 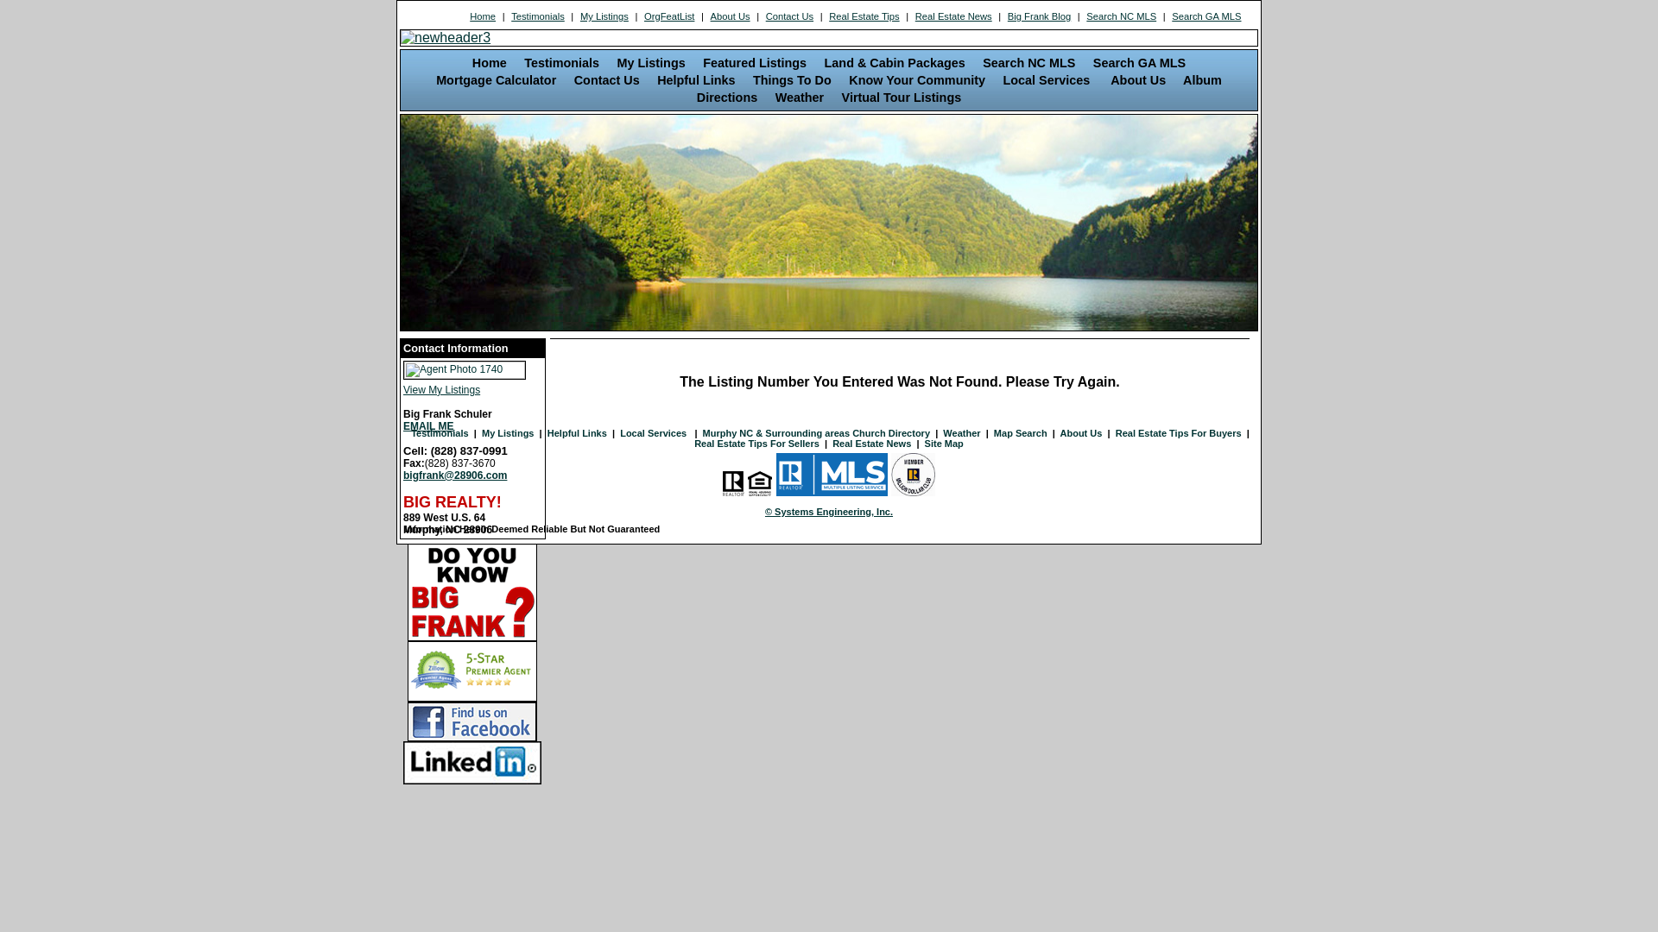 I want to click on 'Big Frank Blog', so click(x=1006, y=16).